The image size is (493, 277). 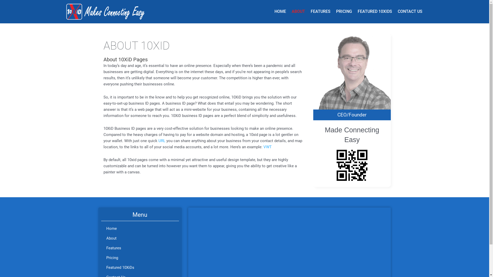 I want to click on 'ABOUT', so click(x=288, y=12).